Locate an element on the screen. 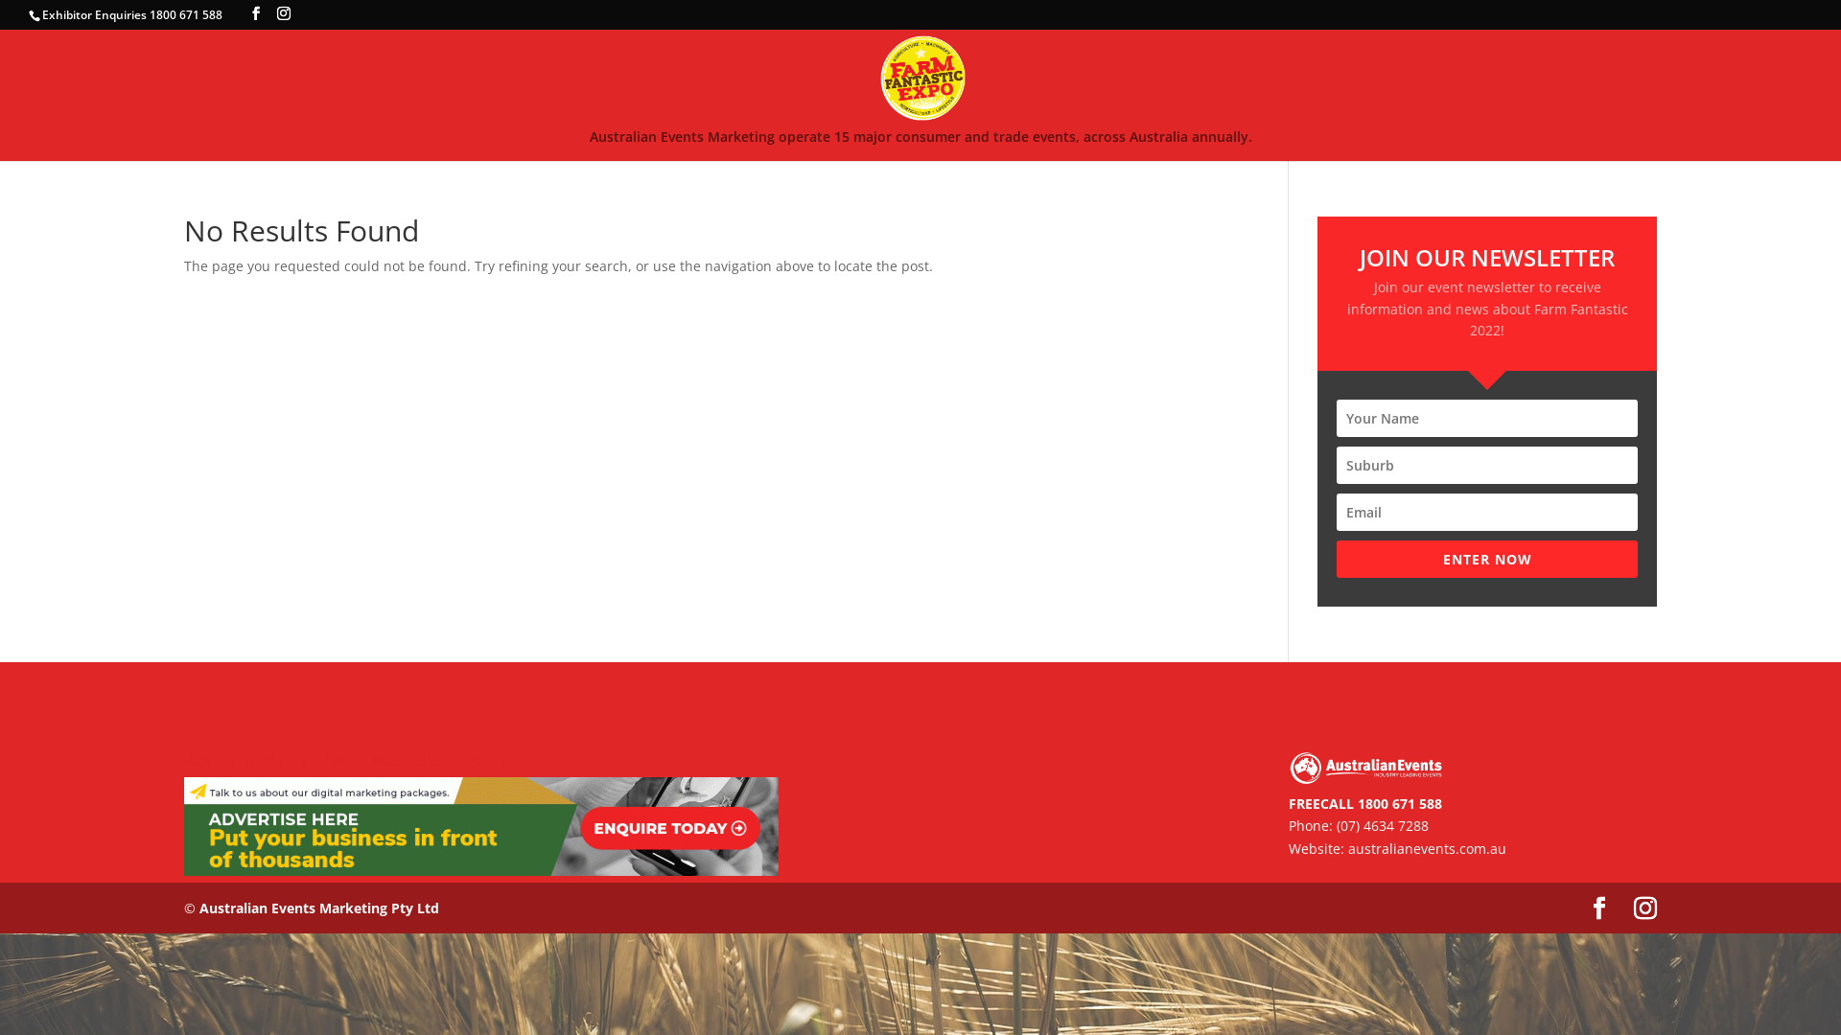 This screenshot has height=1035, width=1841. 'ENTER NOW' is located at coordinates (1485, 559).